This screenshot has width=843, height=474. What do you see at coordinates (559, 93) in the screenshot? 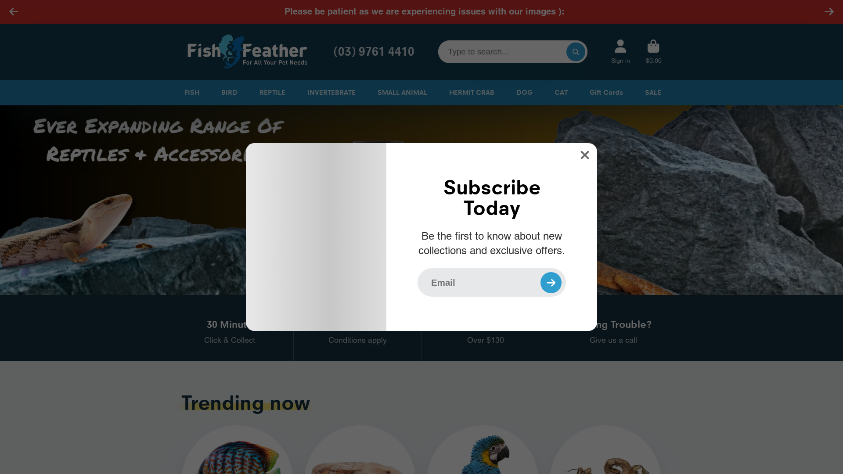
I see `'CAT'` at bounding box center [559, 93].